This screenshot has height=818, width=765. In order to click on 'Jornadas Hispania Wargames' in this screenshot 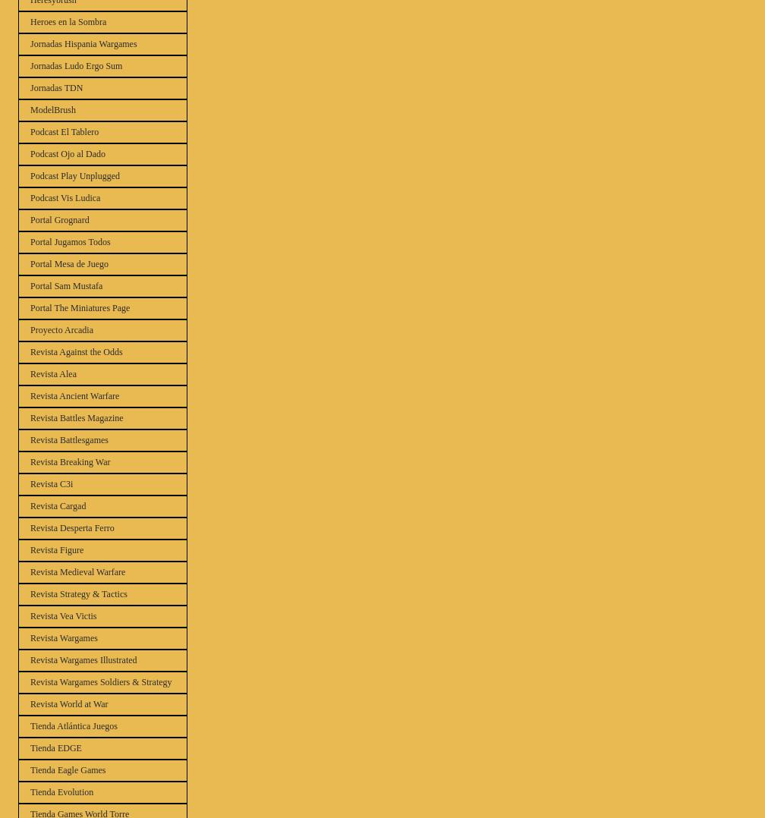, I will do `click(83, 43)`.